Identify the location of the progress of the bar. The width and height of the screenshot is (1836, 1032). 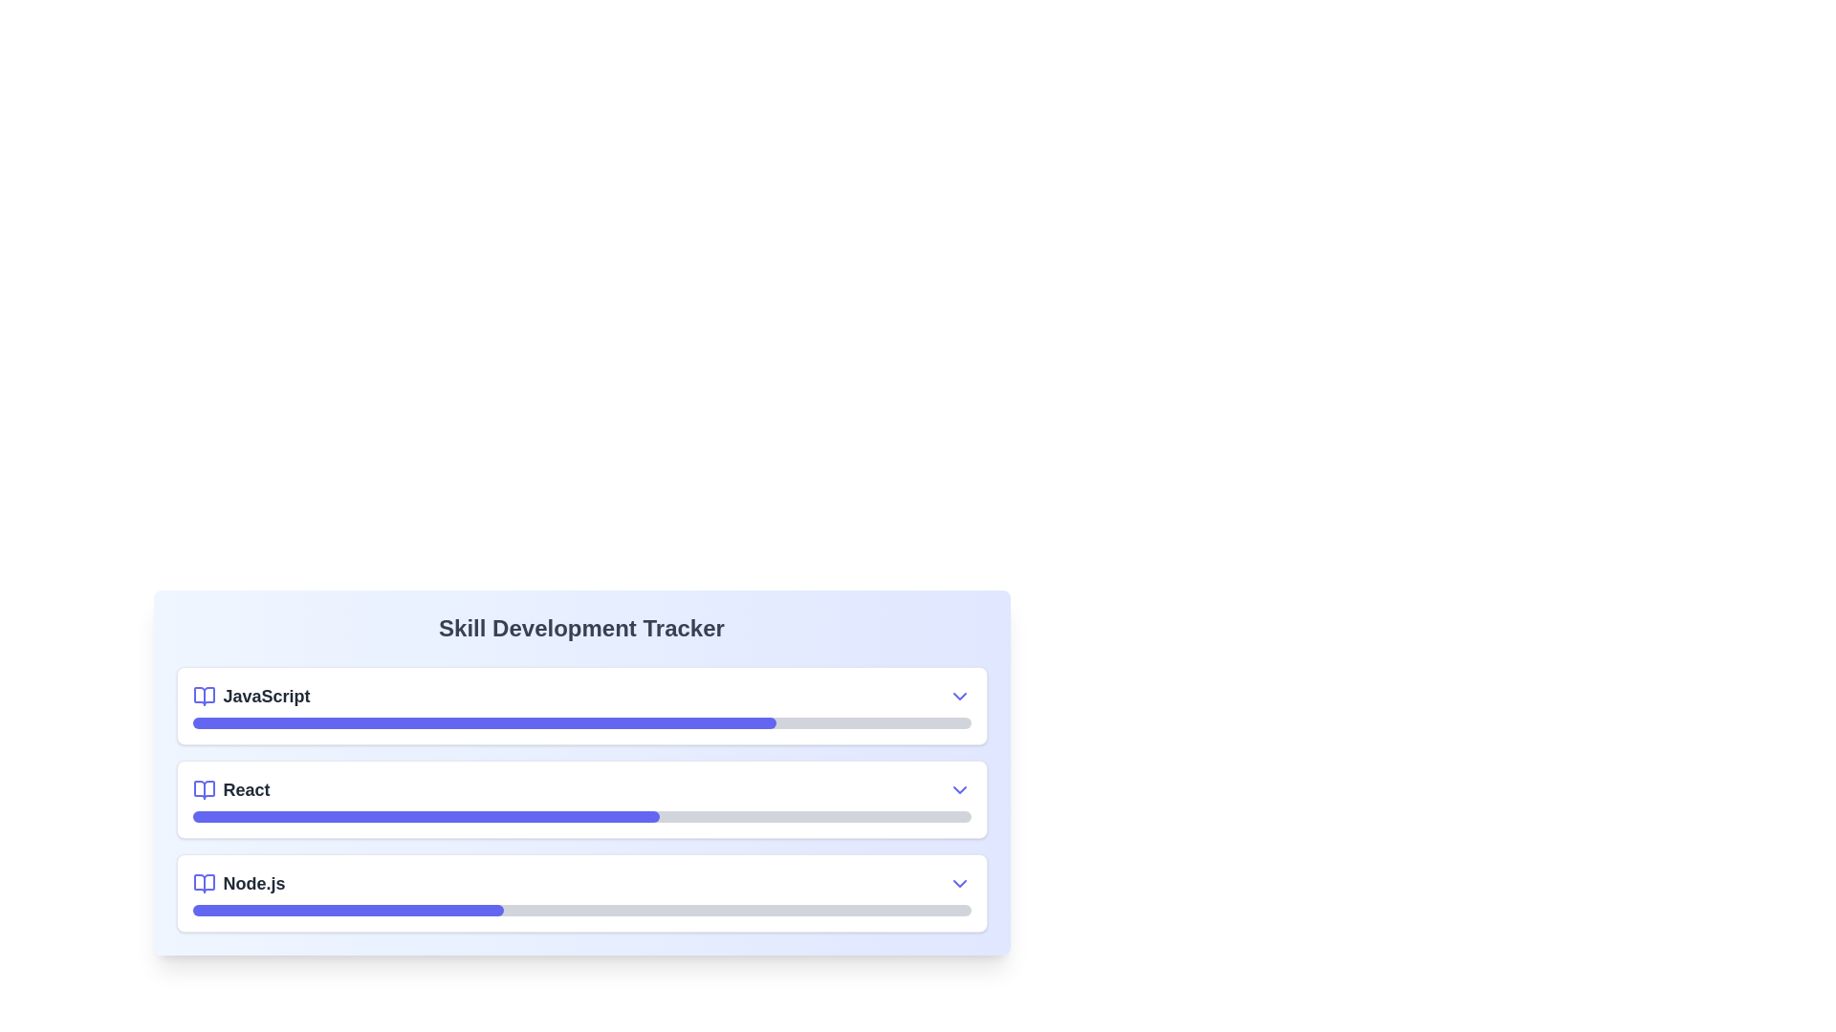
(456, 817).